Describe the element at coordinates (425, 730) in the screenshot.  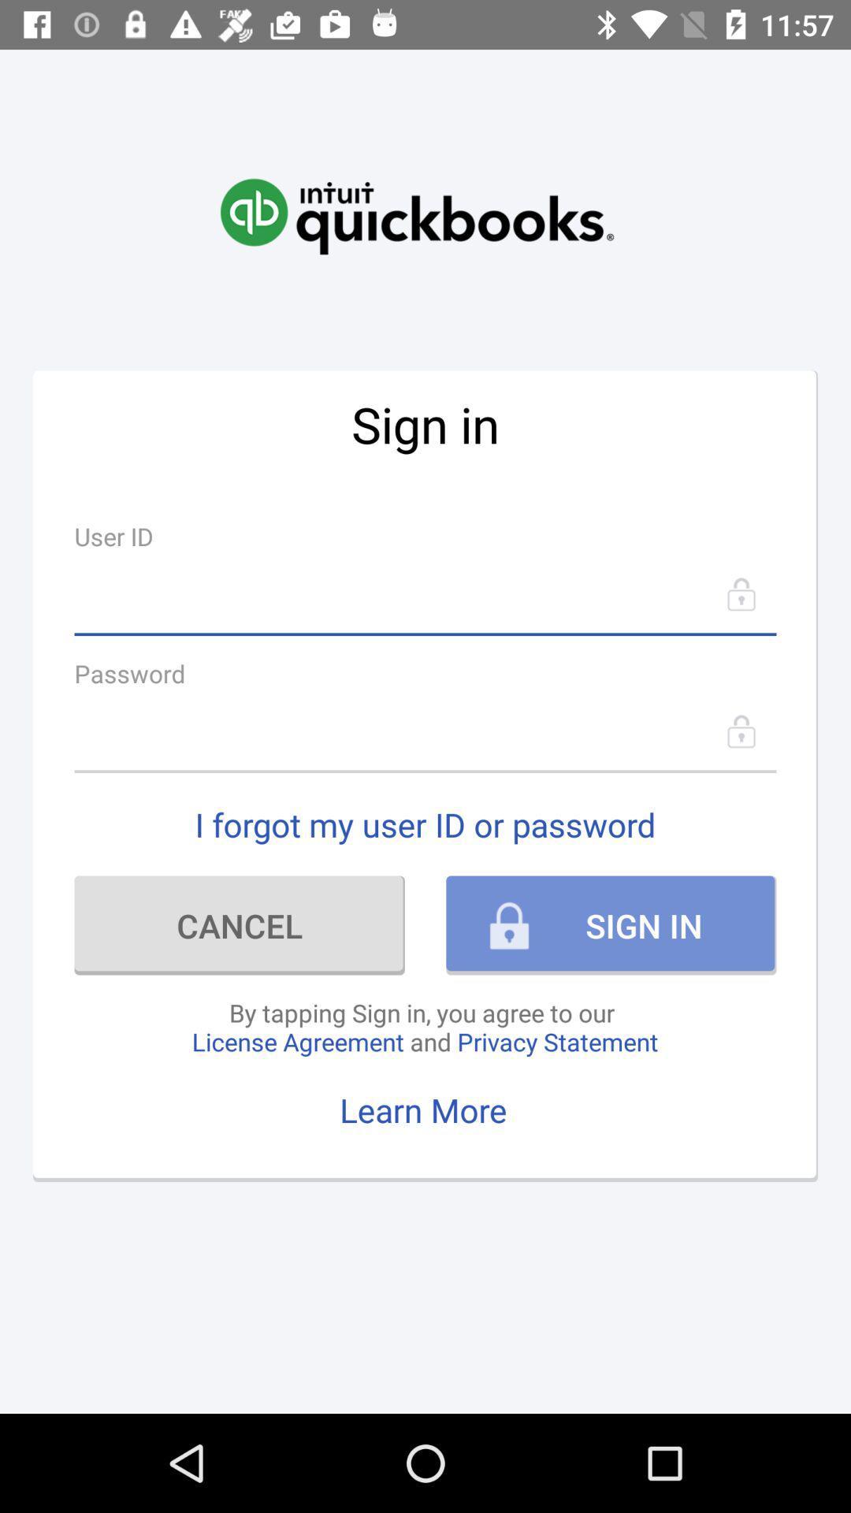
I see `the item below password icon` at that location.